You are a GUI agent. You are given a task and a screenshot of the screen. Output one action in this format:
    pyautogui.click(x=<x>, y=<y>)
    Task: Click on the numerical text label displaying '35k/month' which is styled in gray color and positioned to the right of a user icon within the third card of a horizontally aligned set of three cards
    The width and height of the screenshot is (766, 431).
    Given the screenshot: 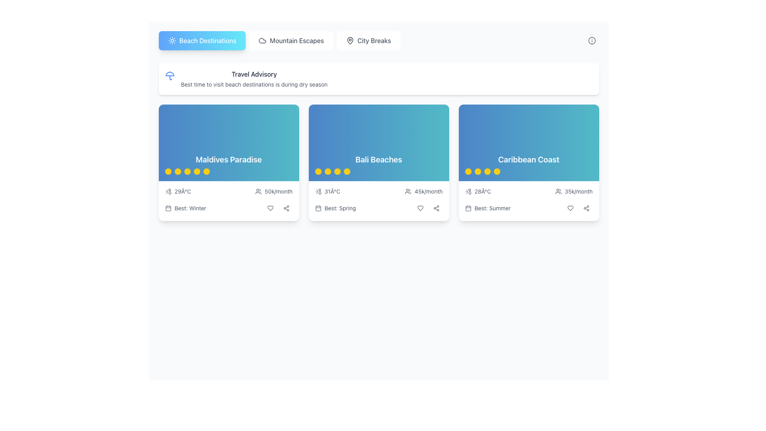 What is the action you would take?
    pyautogui.click(x=578, y=191)
    